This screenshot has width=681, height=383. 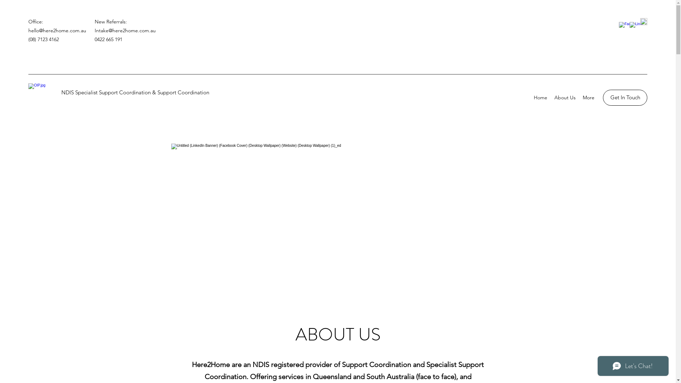 I want to click on 'Intake@here2home.com.au', so click(x=94, y=30).